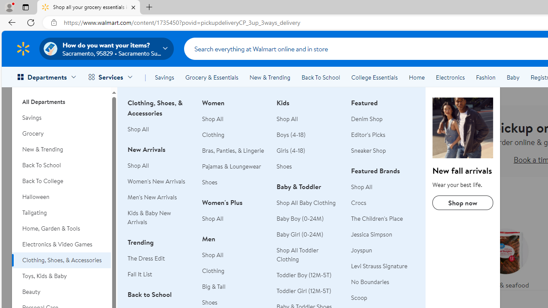 This screenshot has height=308, width=548. What do you see at coordinates (362, 250) in the screenshot?
I see `'Joyspun'` at bounding box center [362, 250].